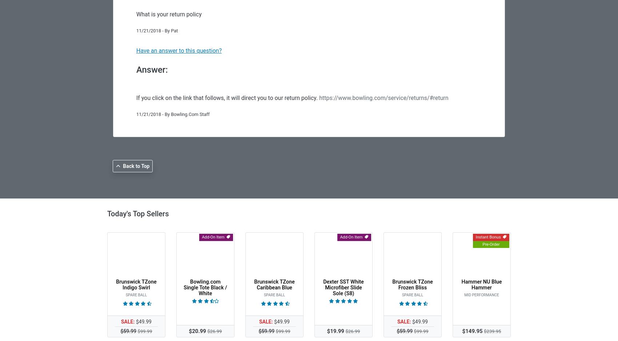 The image size is (618, 341). Describe the element at coordinates (189, 330) in the screenshot. I see `'$20.99'` at that location.